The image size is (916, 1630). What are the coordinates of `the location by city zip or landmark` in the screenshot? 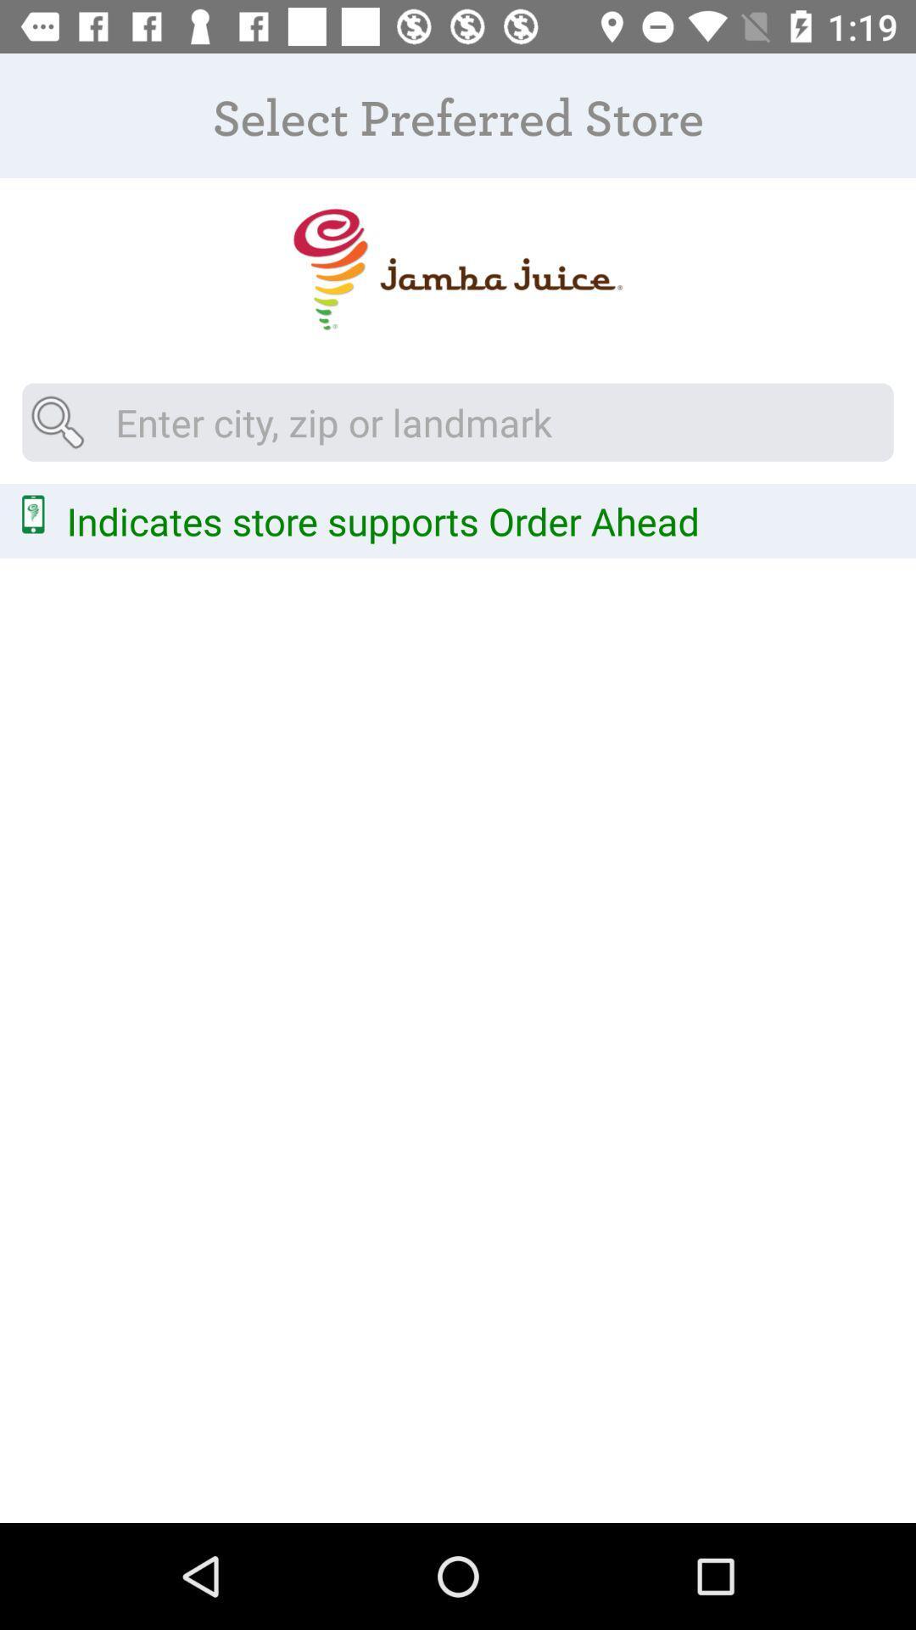 It's located at (458, 422).